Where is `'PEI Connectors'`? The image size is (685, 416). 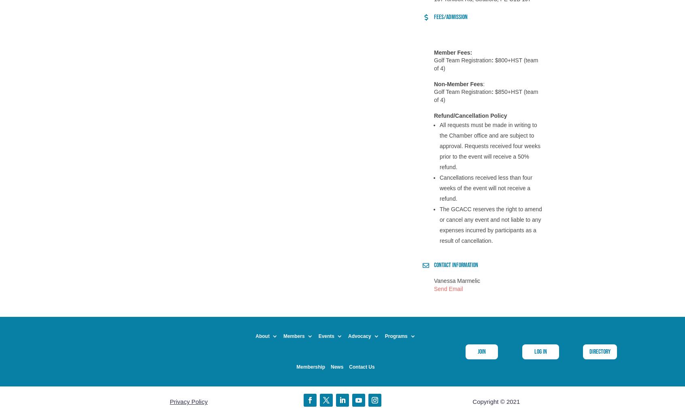 'PEI Connectors' is located at coordinates (416, 255).